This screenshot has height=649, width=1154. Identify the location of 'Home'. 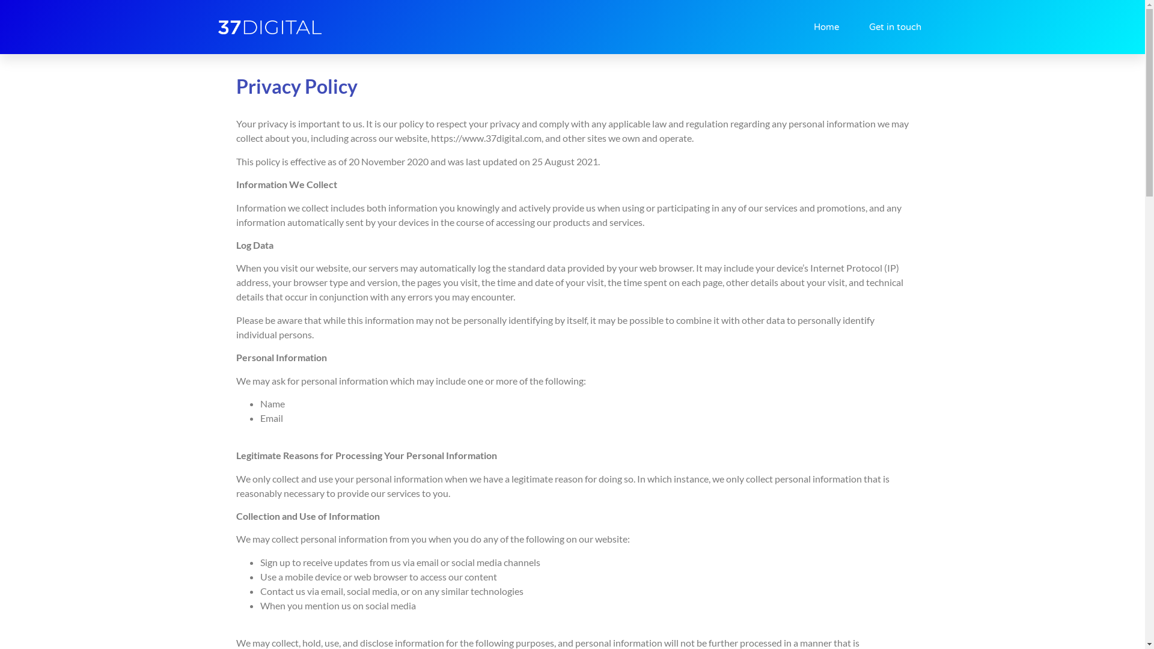
(825, 27).